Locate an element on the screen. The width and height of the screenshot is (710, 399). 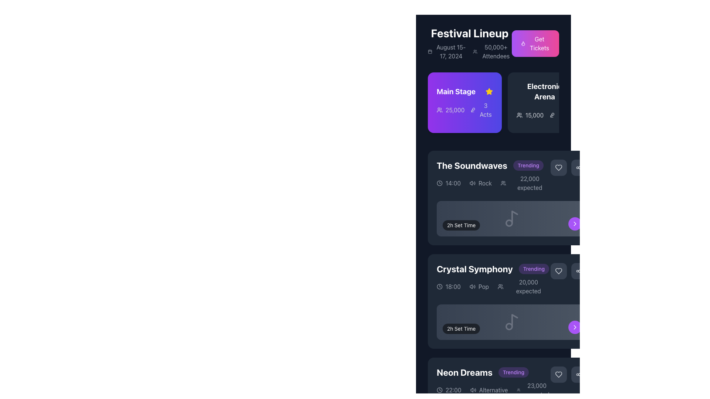
the static text display that shows '18:00', which is styled in white text on a dark background and located to the left of the text 'Pop' in the event details for 'Crystal Symphony' is located at coordinates (453, 286).